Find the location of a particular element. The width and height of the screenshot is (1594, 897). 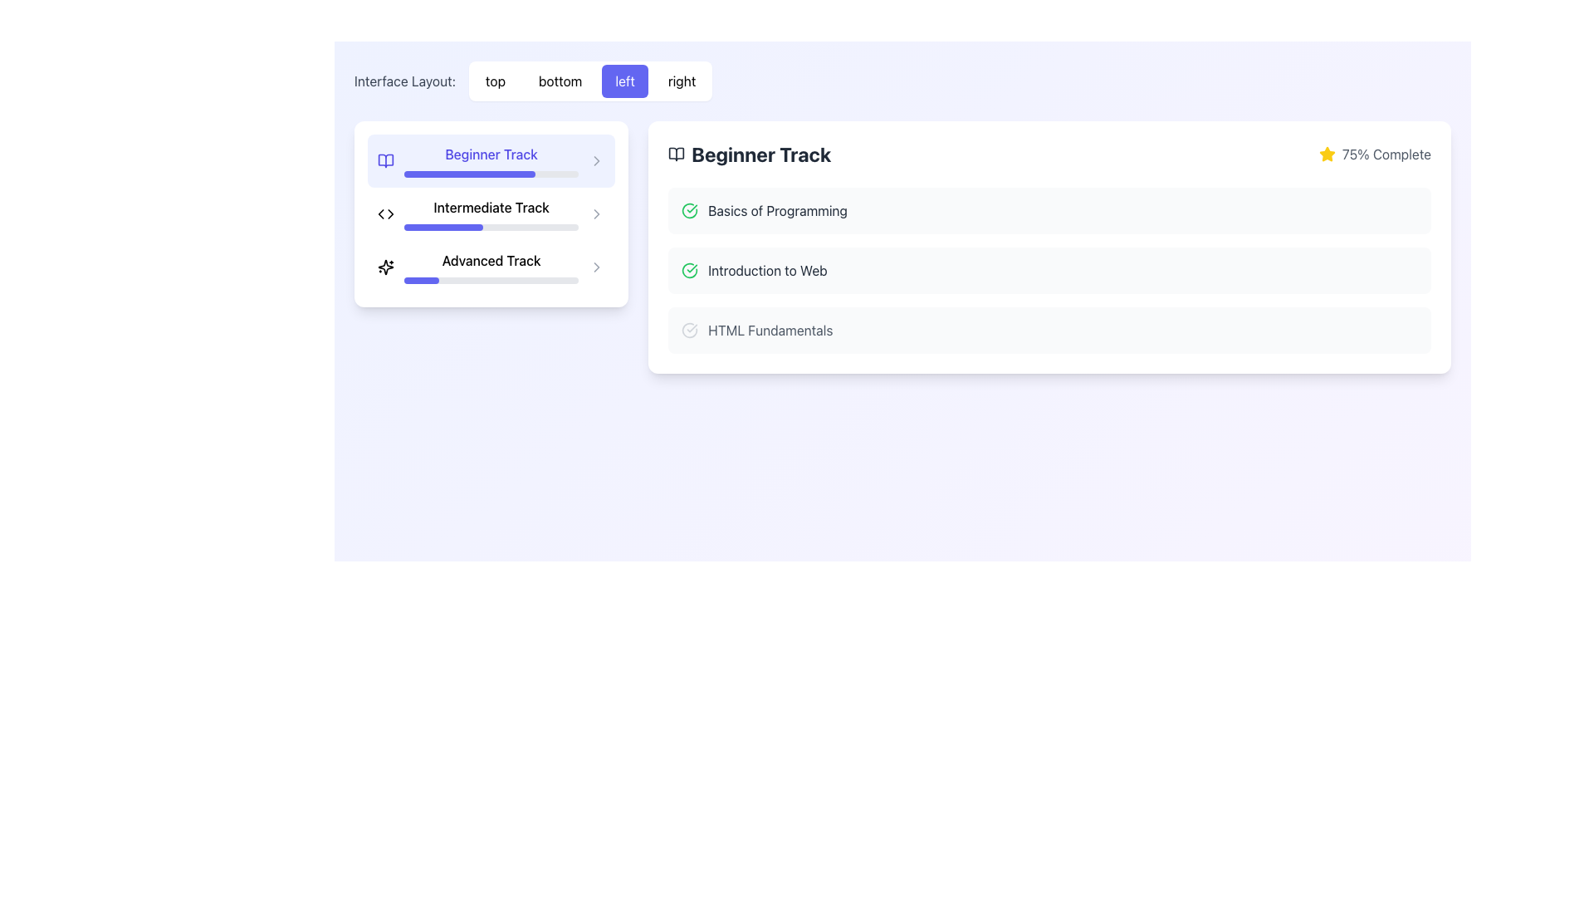

the horizontal progress bar indicating 75% completion located in the 'Beginner Track' section is located at coordinates (468, 174).